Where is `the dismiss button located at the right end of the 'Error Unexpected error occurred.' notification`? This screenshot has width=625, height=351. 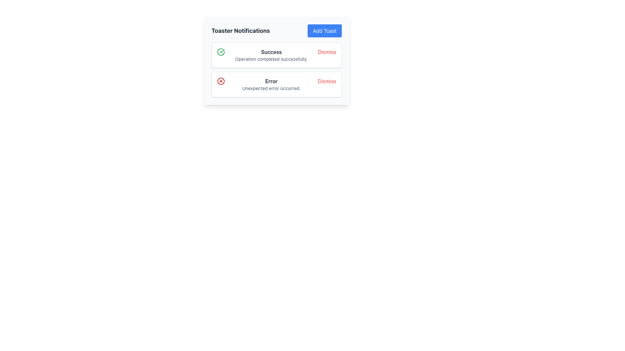
the dismiss button located at the right end of the 'Error Unexpected error occurred.' notification is located at coordinates (327, 81).